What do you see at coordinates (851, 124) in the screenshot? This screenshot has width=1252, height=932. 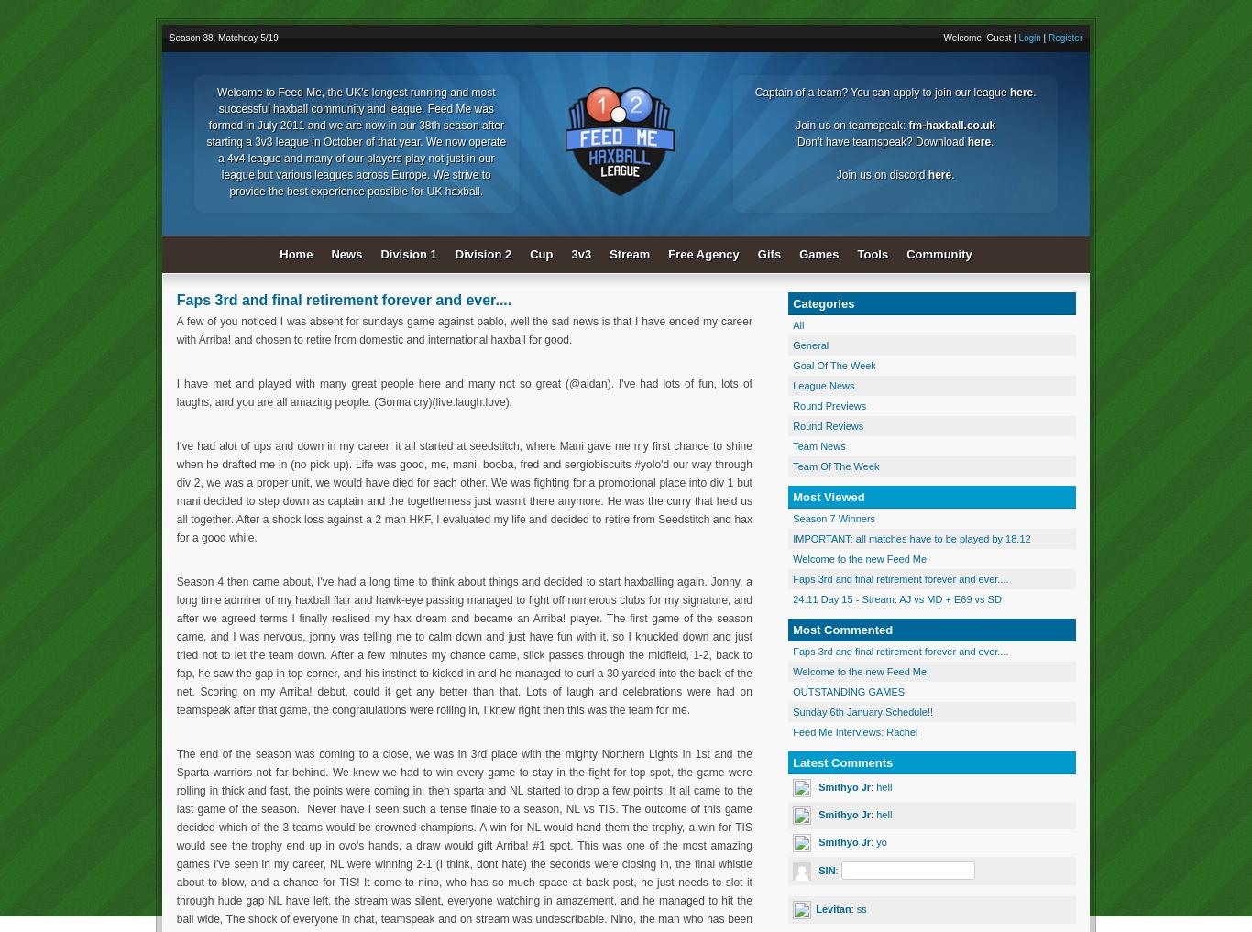 I see `'Join us on teamspeak:'` at bounding box center [851, 124].